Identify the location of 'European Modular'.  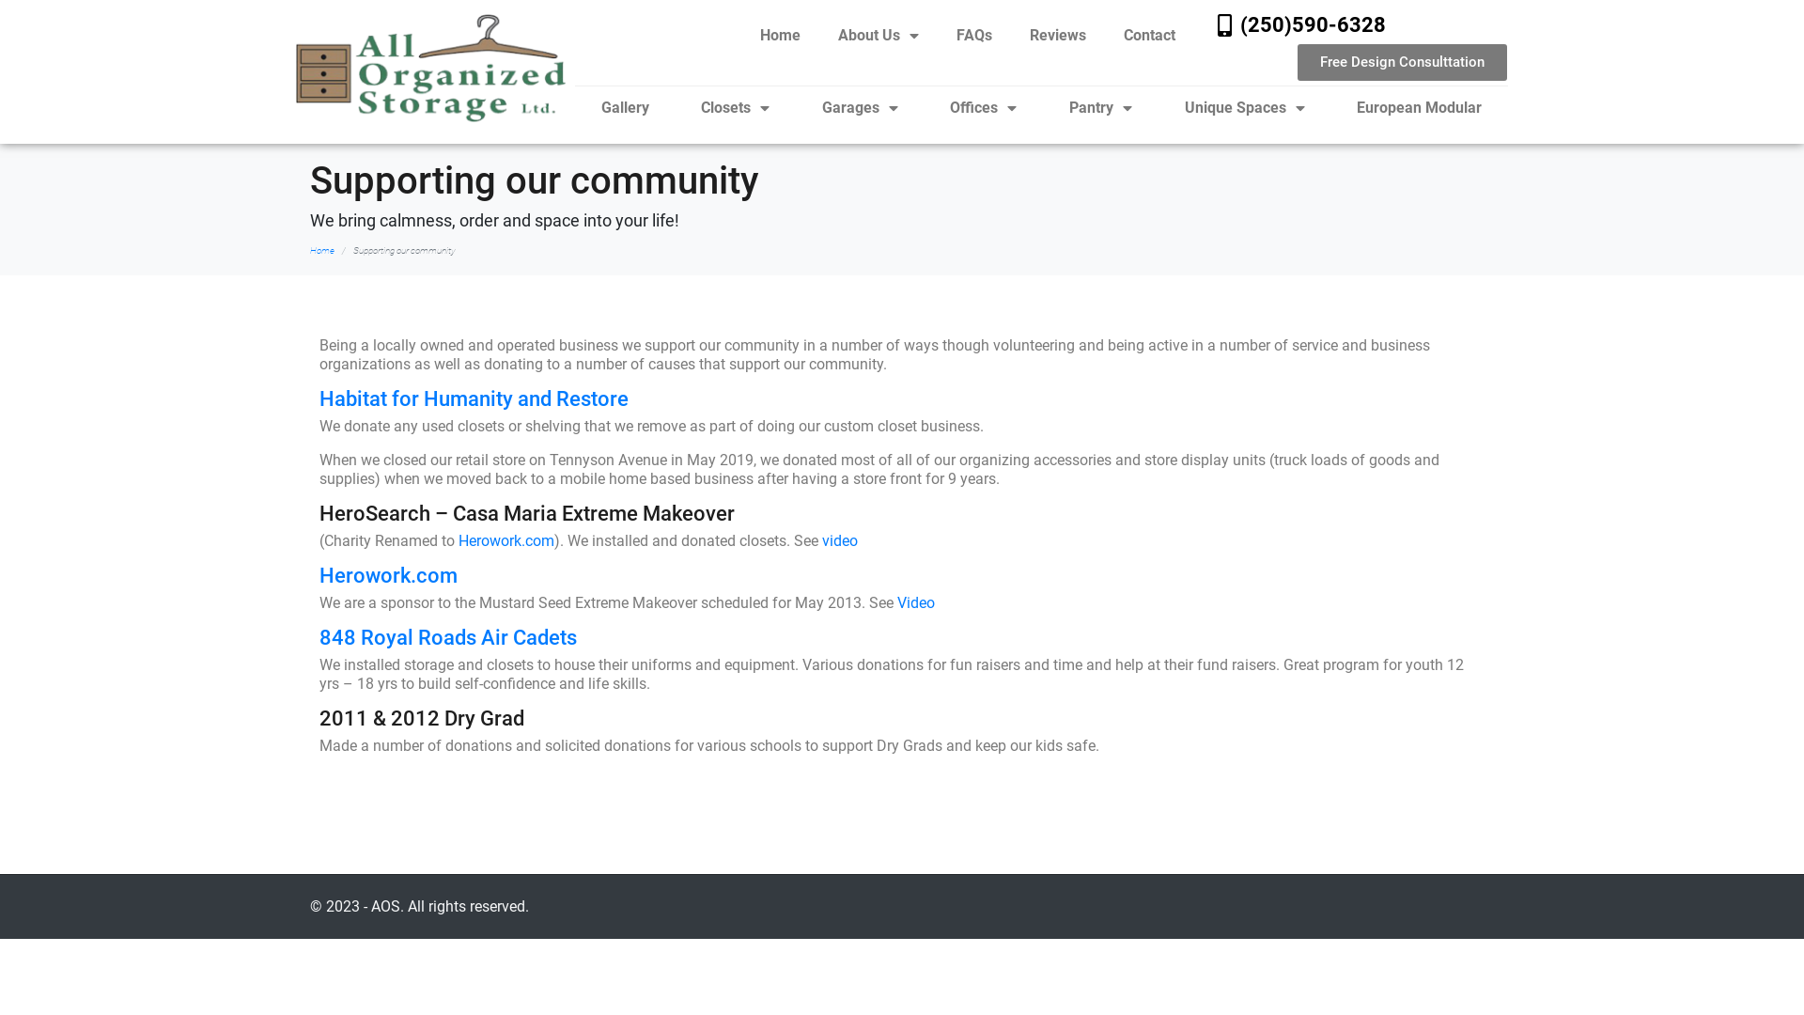
(1419, 108).